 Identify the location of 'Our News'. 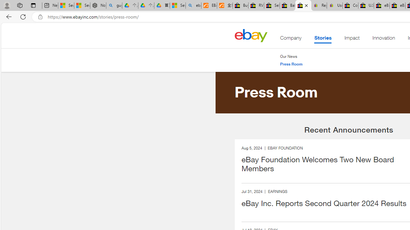
(288, 56).